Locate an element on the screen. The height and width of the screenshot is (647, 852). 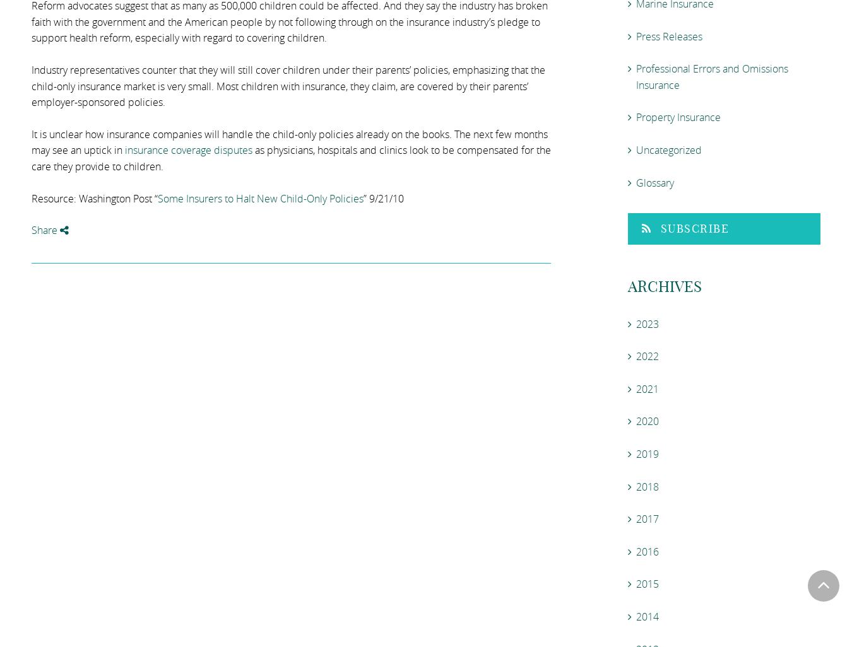
'2022' is located at coordinates (636, 356).